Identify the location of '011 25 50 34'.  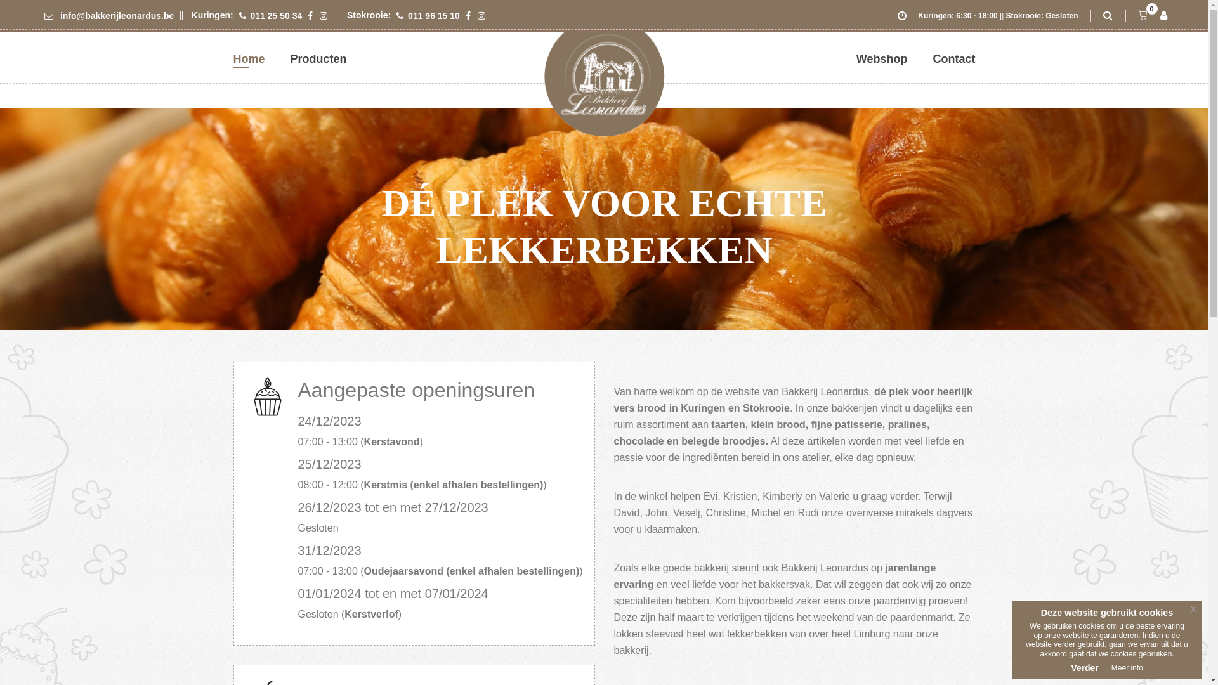
(270, 15).